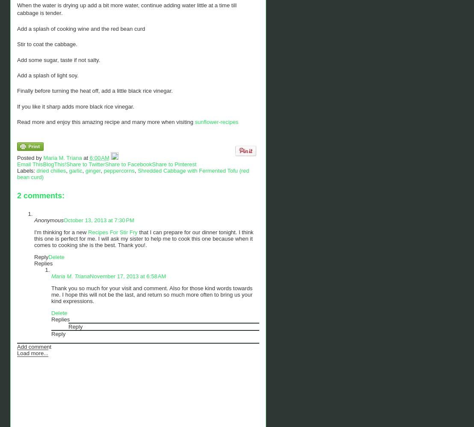 The image size is (474, 427). I want to click on 'Anonymous', so click(49, 219).